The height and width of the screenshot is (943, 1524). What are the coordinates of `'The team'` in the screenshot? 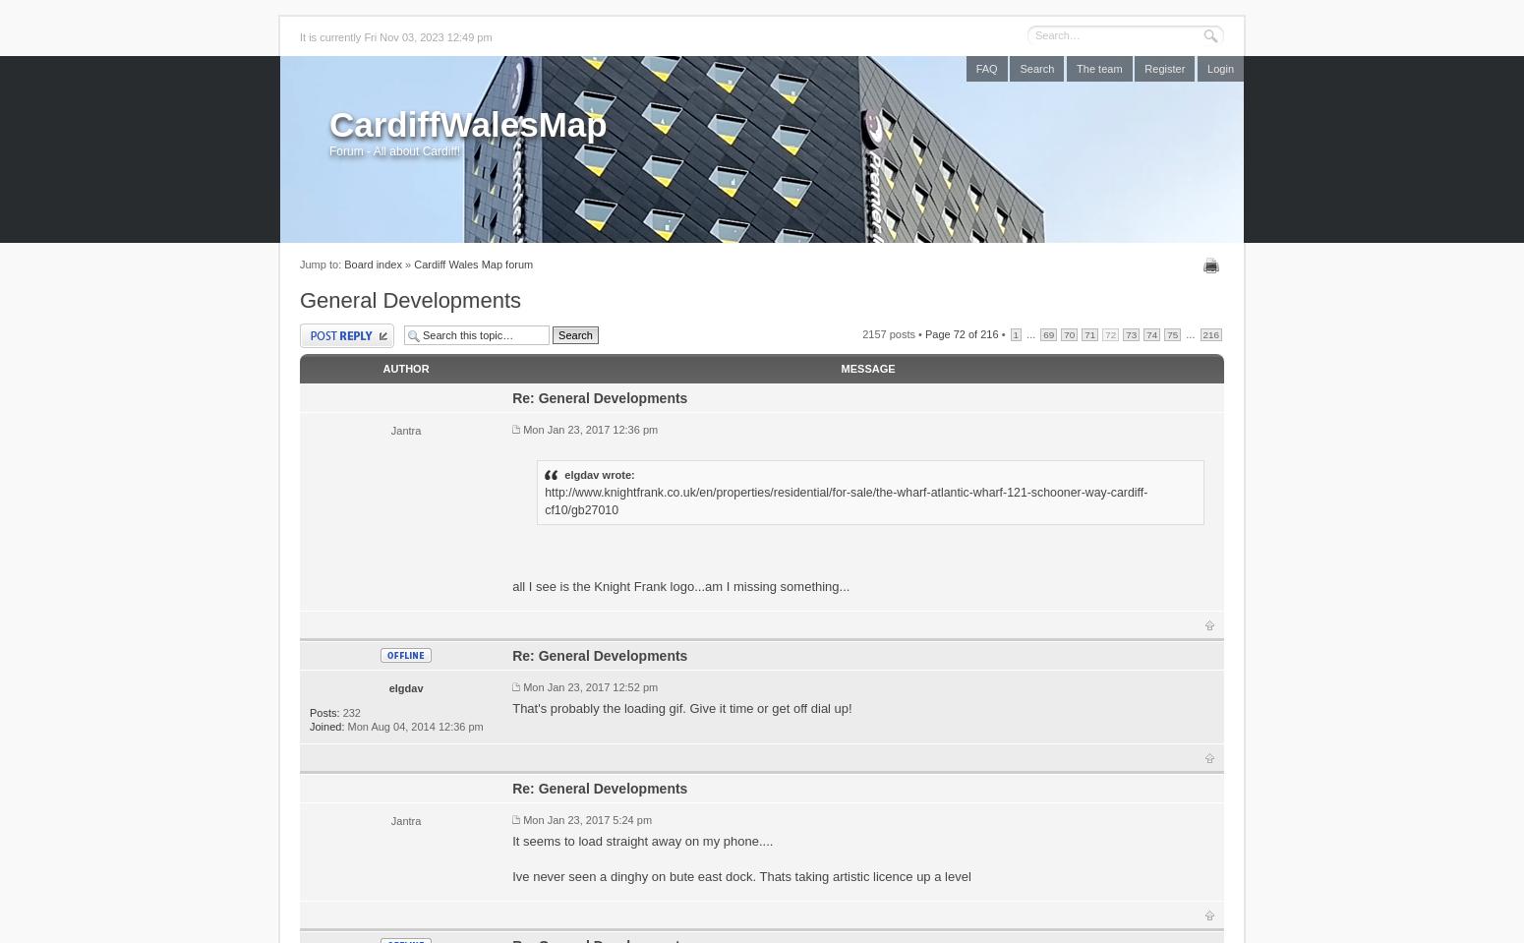 It's located at (1076, 69).